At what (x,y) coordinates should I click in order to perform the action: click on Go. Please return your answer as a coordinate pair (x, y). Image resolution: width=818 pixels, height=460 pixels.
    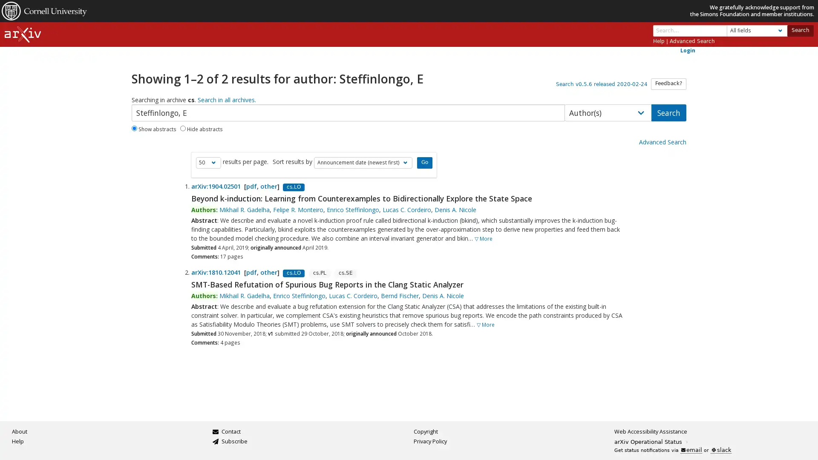
    Looking at the image, I should click on (424, 162).